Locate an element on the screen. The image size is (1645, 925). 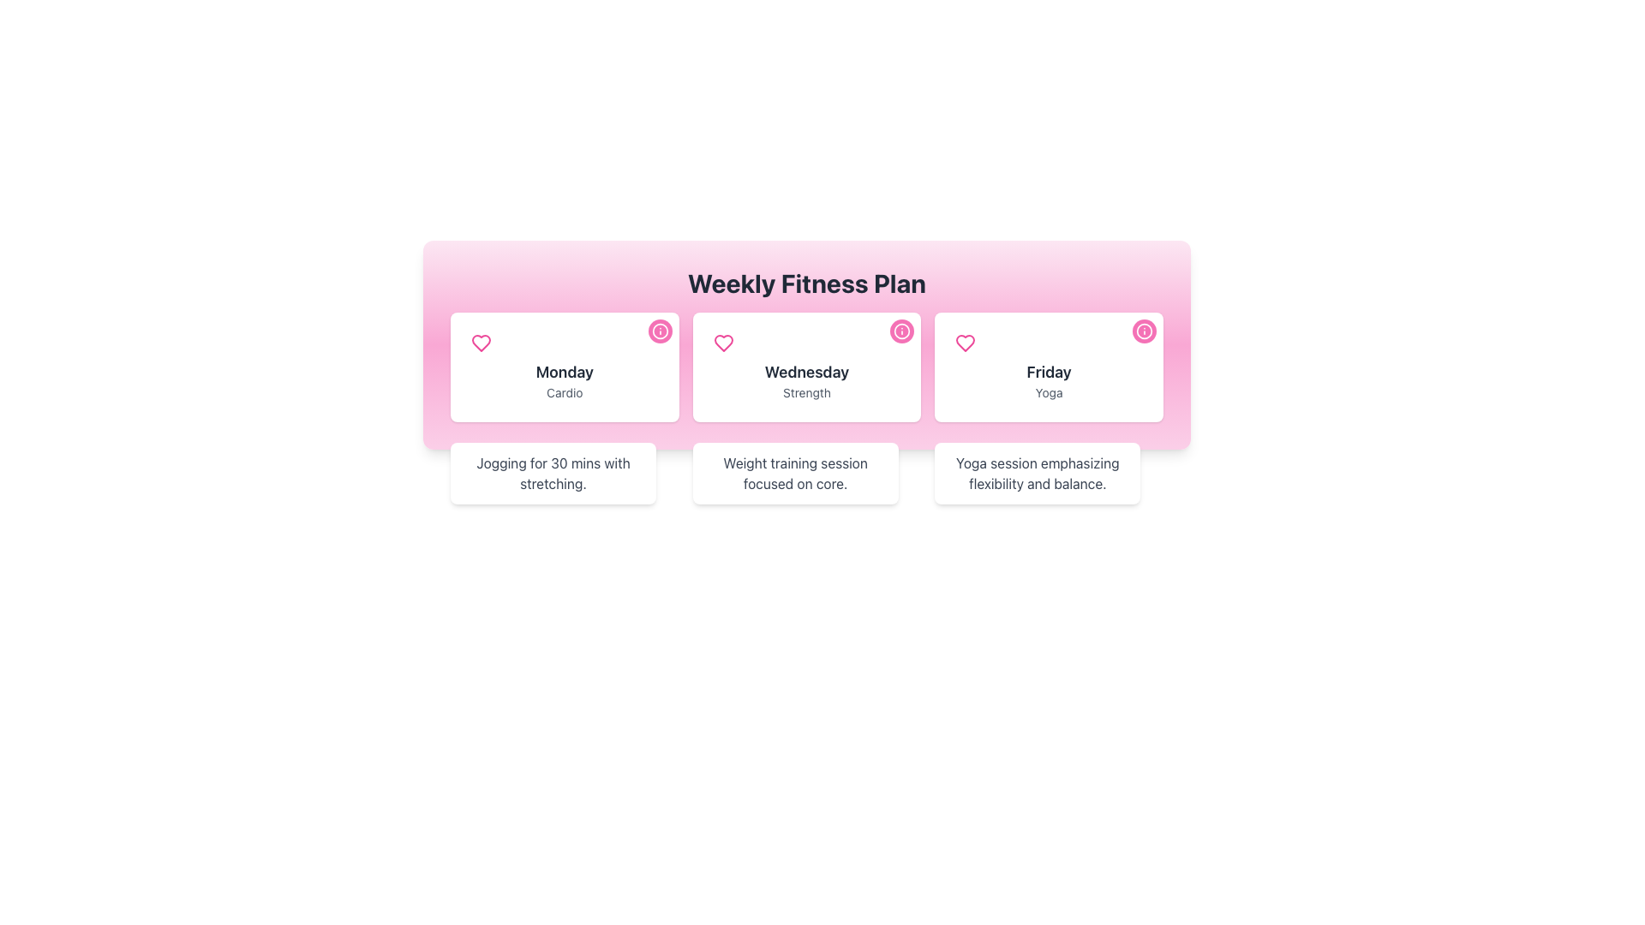
text 'Yoga' that is displayed in a small gray font, located in the card titled 'Friday' on the right side of the row under 'Weekly Fitness Plan' is located at coordinates (1048, 393).